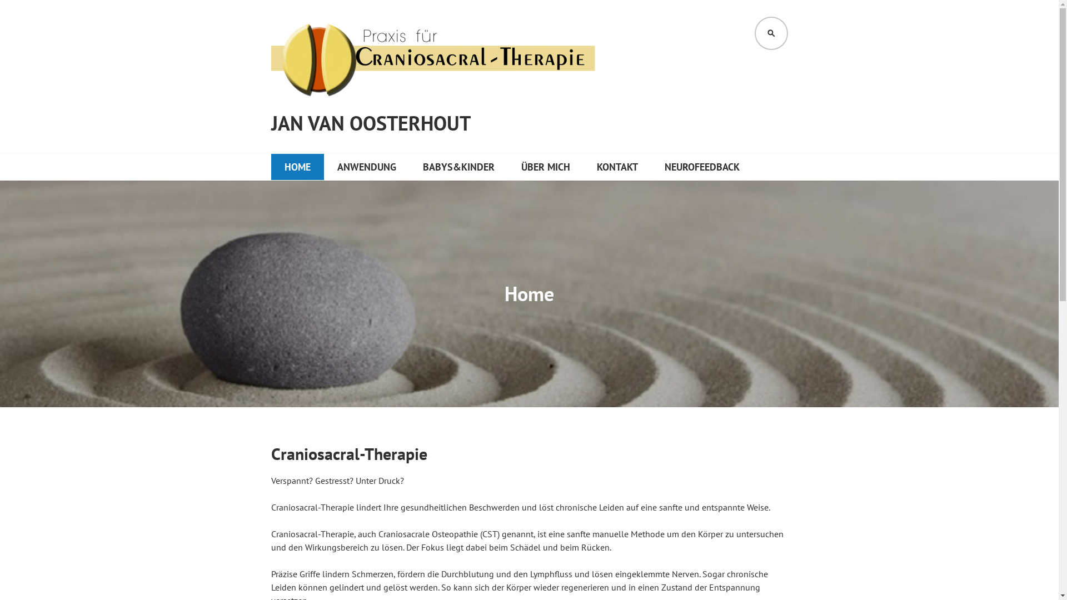 Image resolution: width=1067 pixels, height=600 pixels. I want to click on 'SUCHEN', so click(770, 33).